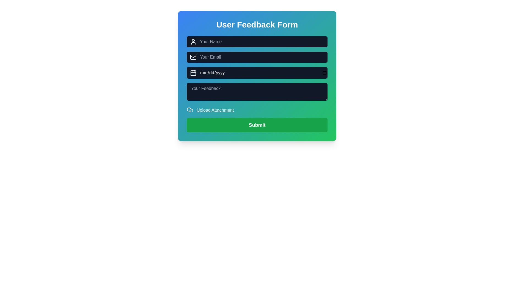 The image size is (528, 297). I want to click on the Text Label that serves as the title for the feedback form, positioned at the top of the gradient-colored rounded rectangle containing input fields and buttons, so click(257, 24).